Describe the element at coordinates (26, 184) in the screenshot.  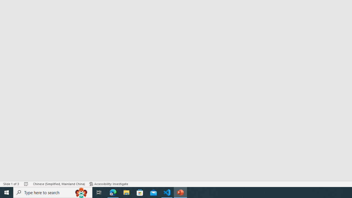
I see `'Spell Check No Errors'` at that location.